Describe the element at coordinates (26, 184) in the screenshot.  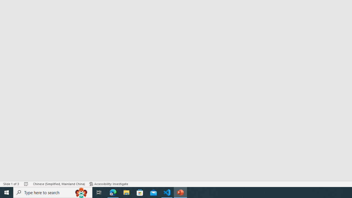
I see `'Spell Check No Errors'` at that location.